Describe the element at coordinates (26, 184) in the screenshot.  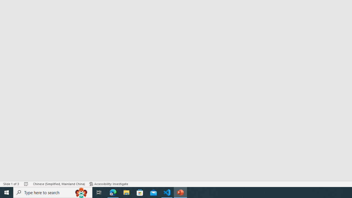
I see `'Spell Check No Errors'` at that location.